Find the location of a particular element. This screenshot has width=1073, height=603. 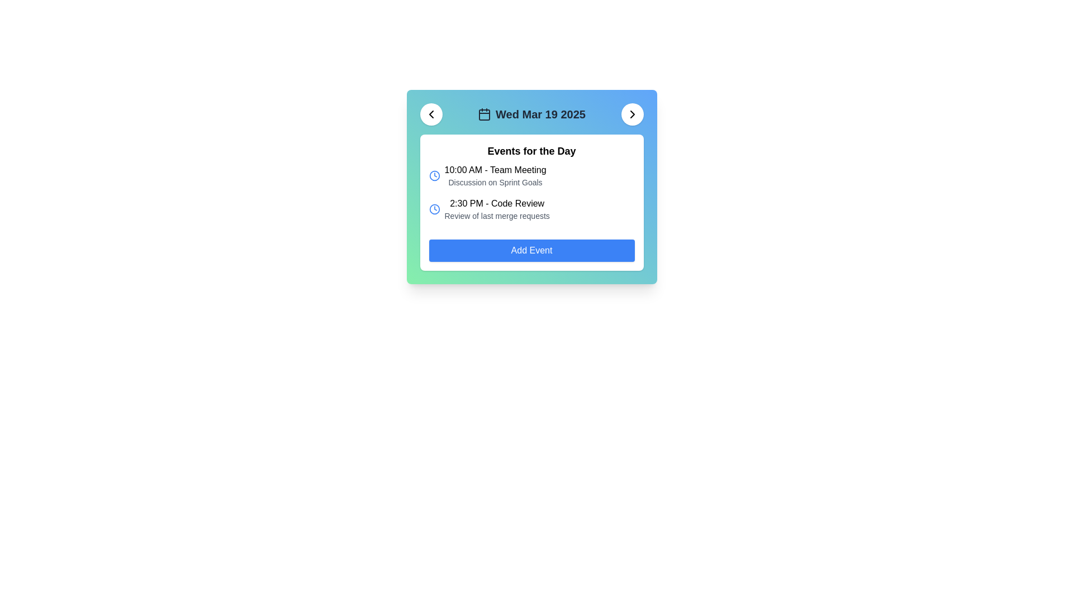

the button located at the bottom of the event schedule card to initiate the 'Add Event' function is located at coordinates (531, 250).